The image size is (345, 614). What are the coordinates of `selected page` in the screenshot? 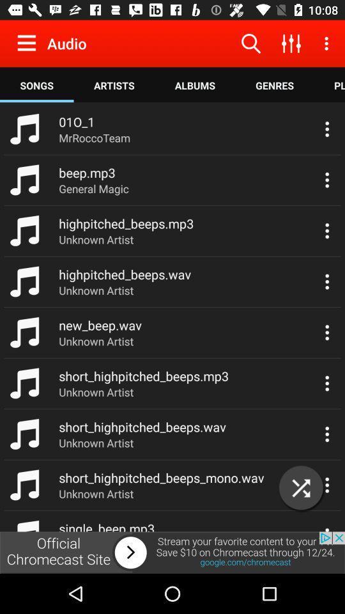 It's located at (301, 487).